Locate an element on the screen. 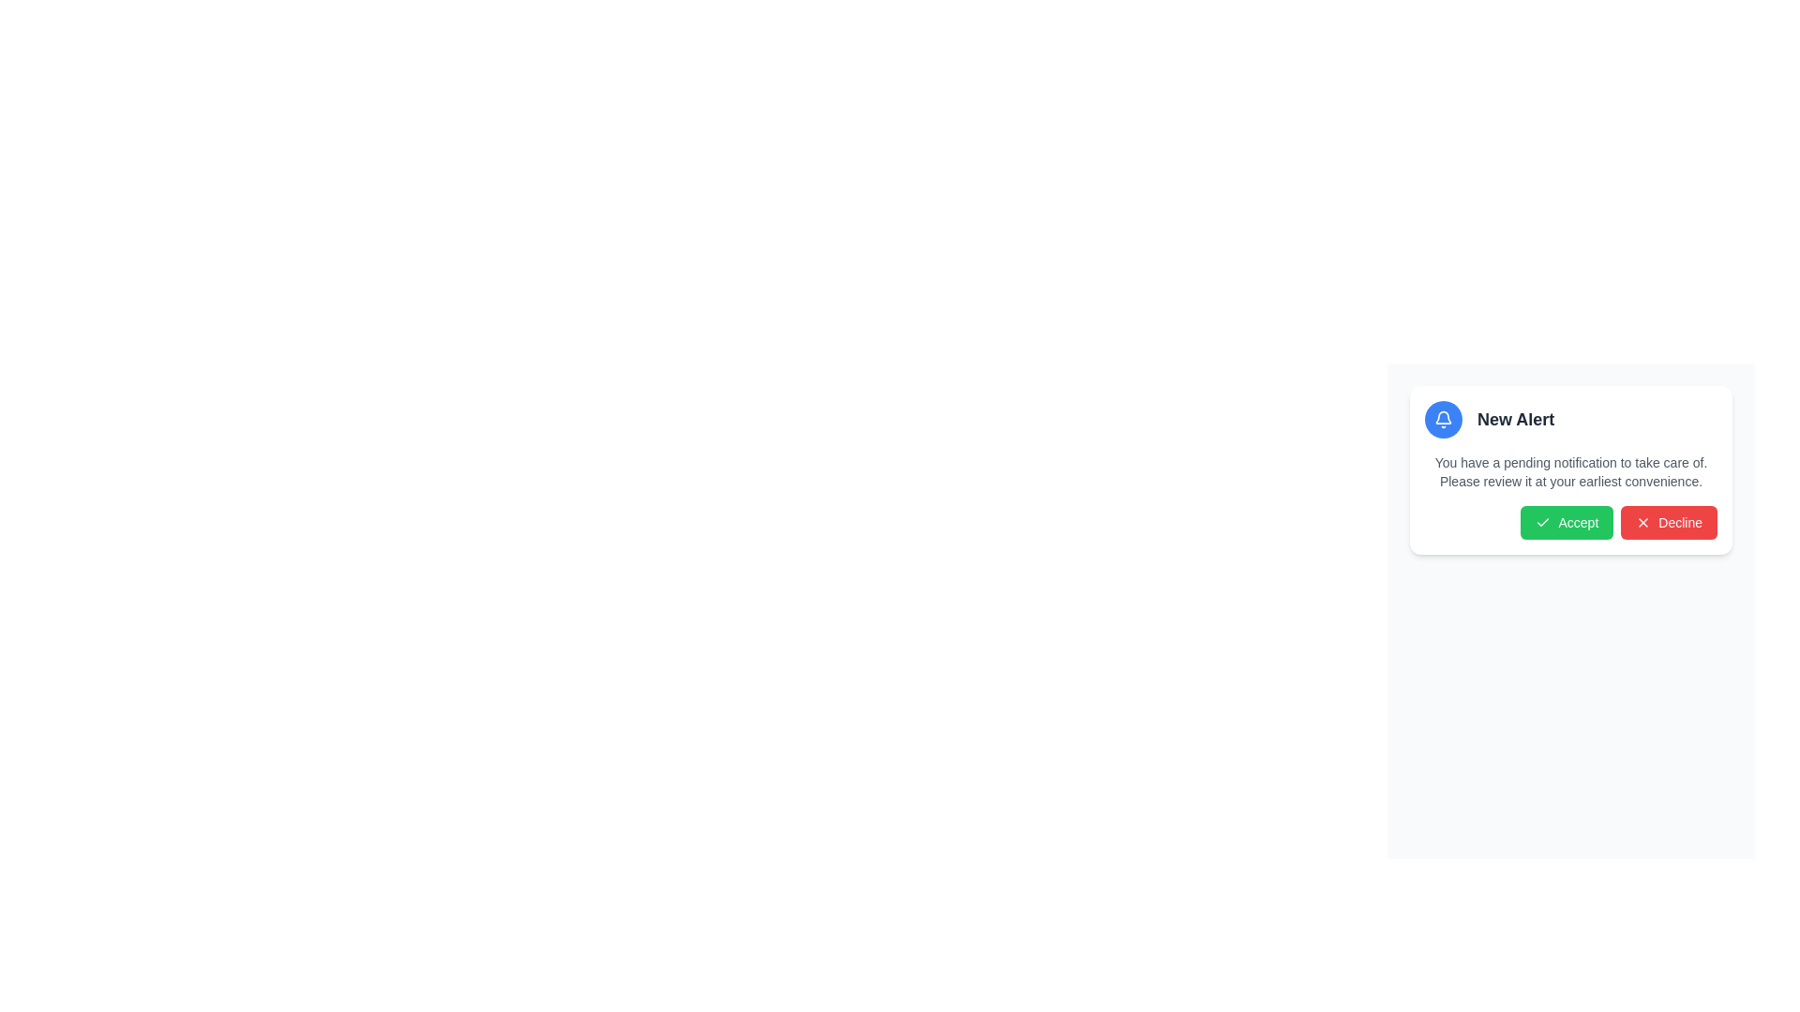  the notification icon inside the circular button-like structure, which is located to the left of the 'New Alert' text is located at coordinates (1443, 418).